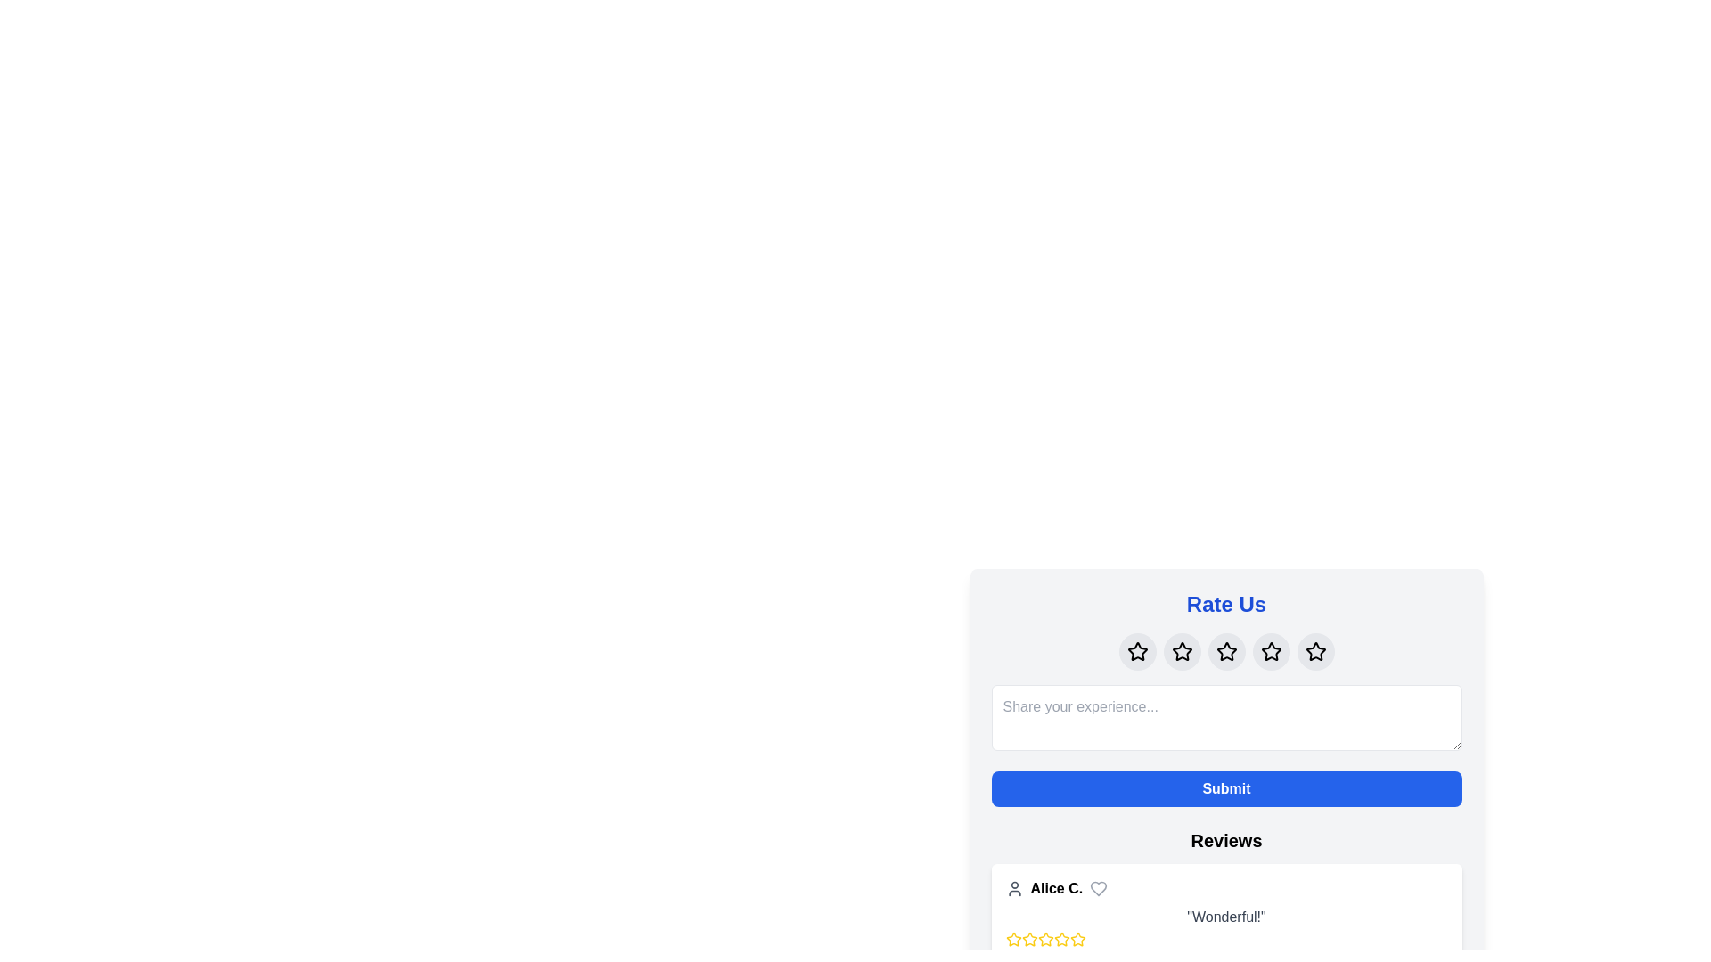 The image size is (1711, 962). Describe the element at coordinates (1061, 938) in the screenshot. I see `the third star icon from the left in the rating system below the review titled 'Alice C.'` at that location.